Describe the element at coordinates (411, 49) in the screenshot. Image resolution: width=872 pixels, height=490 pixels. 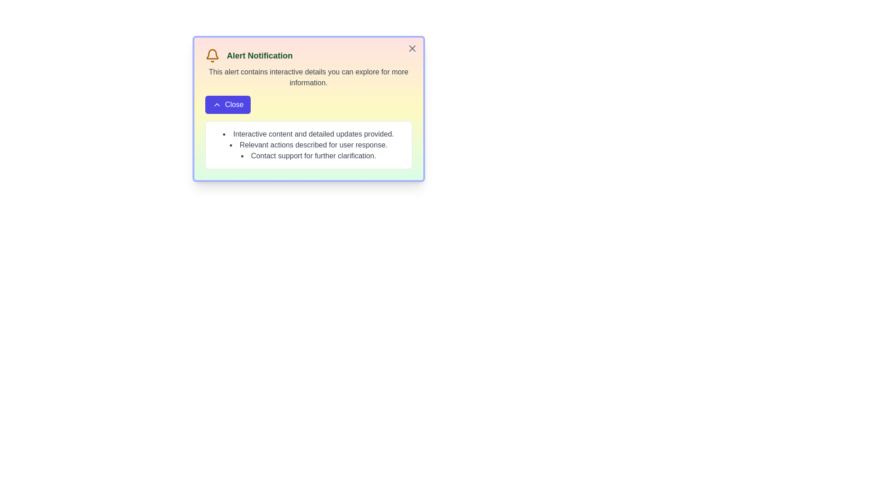
I see `the close button in the top-right corner of the alert to dismiss it` at that location.